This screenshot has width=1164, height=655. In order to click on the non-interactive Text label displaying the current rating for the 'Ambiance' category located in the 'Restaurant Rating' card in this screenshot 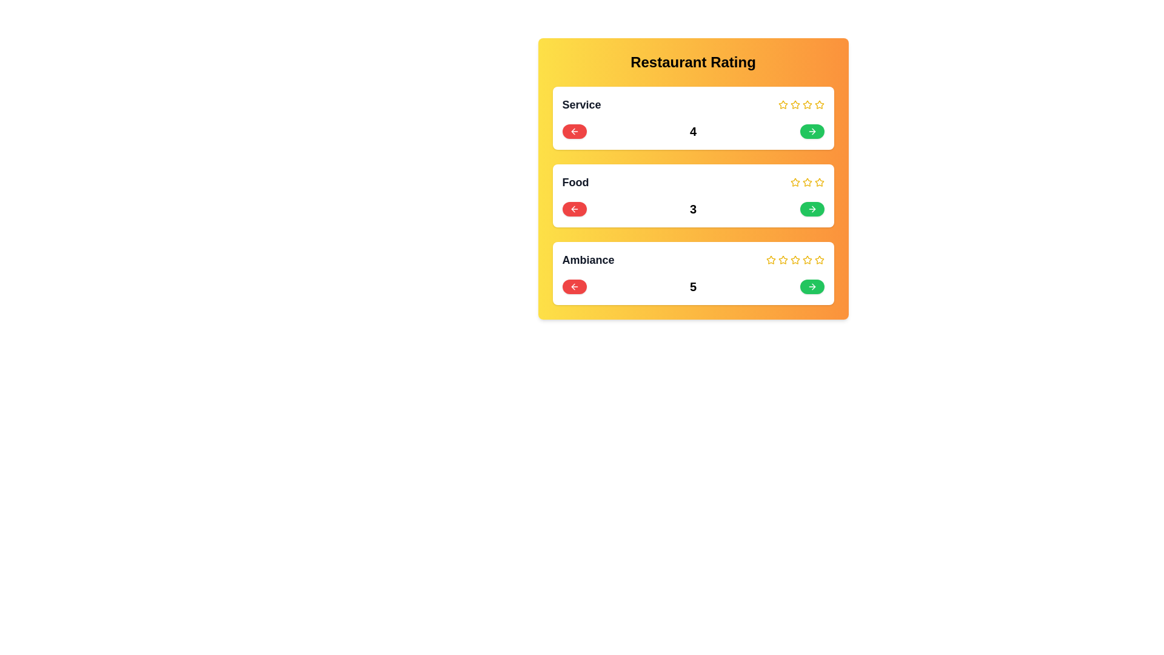, I will do `click(693, 287)`.